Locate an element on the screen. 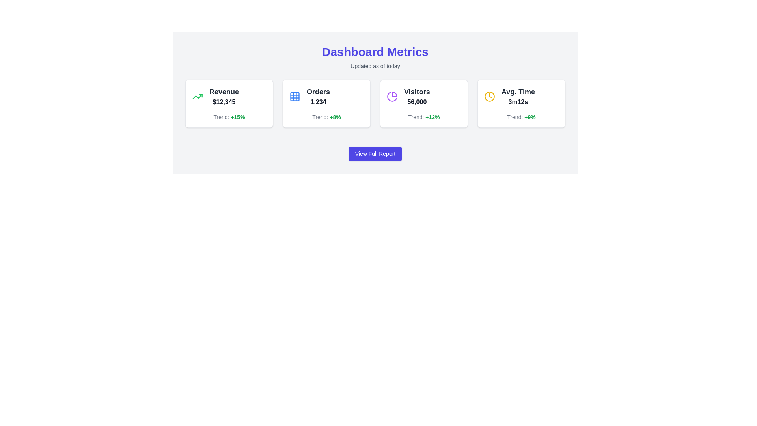 The width and height of the screenshot is (757, 426). the clock icon representing the 'Avg. Time' metric, which is located in the rightmost position among the four summary cards, above the text 'Avg. Time 3m12s' is located at coordinates (489, 96).